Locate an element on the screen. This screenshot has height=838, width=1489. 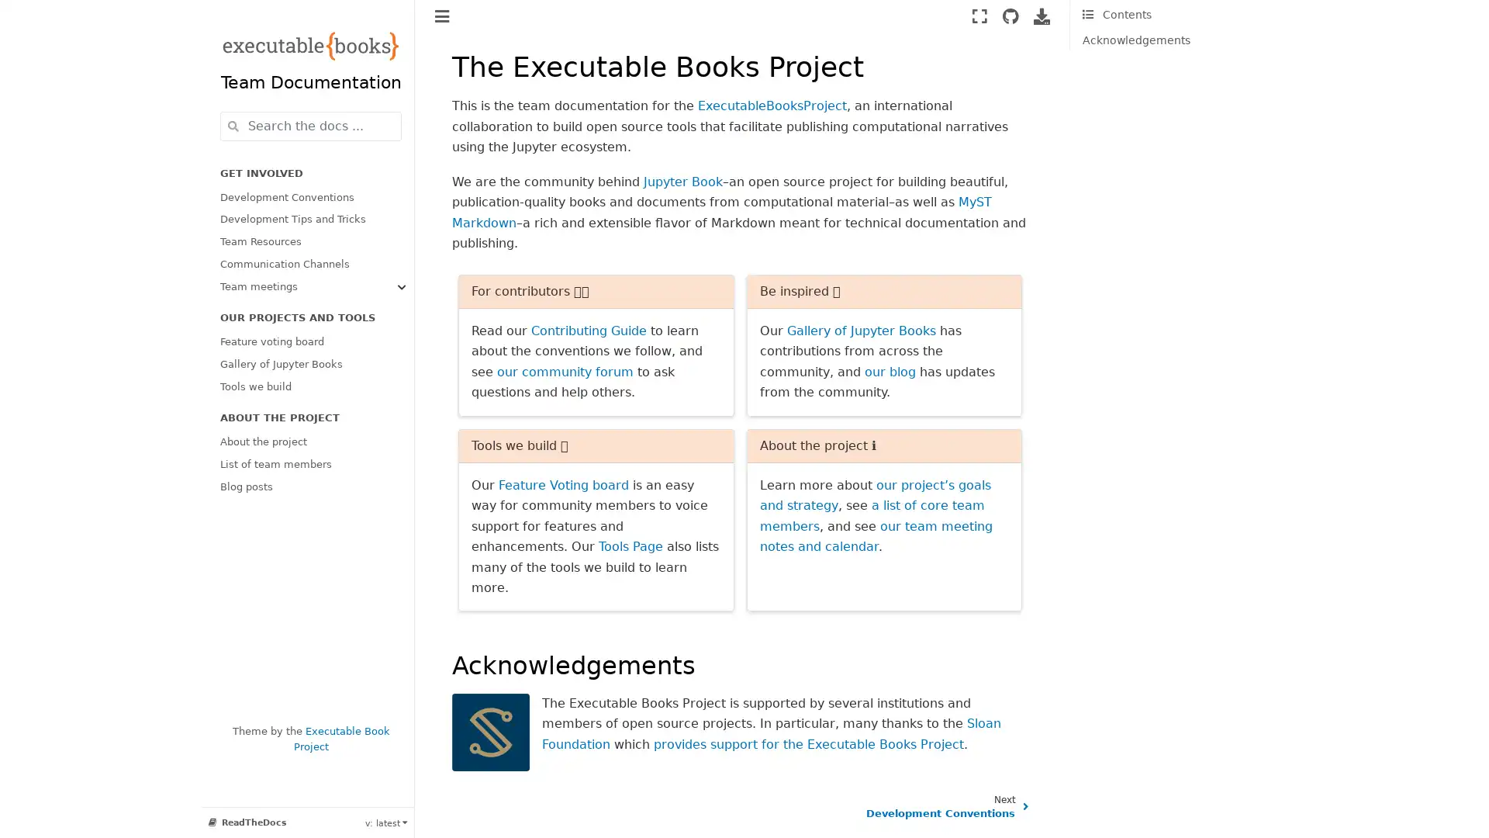
Download this page is located at coordinates (1042, 16).